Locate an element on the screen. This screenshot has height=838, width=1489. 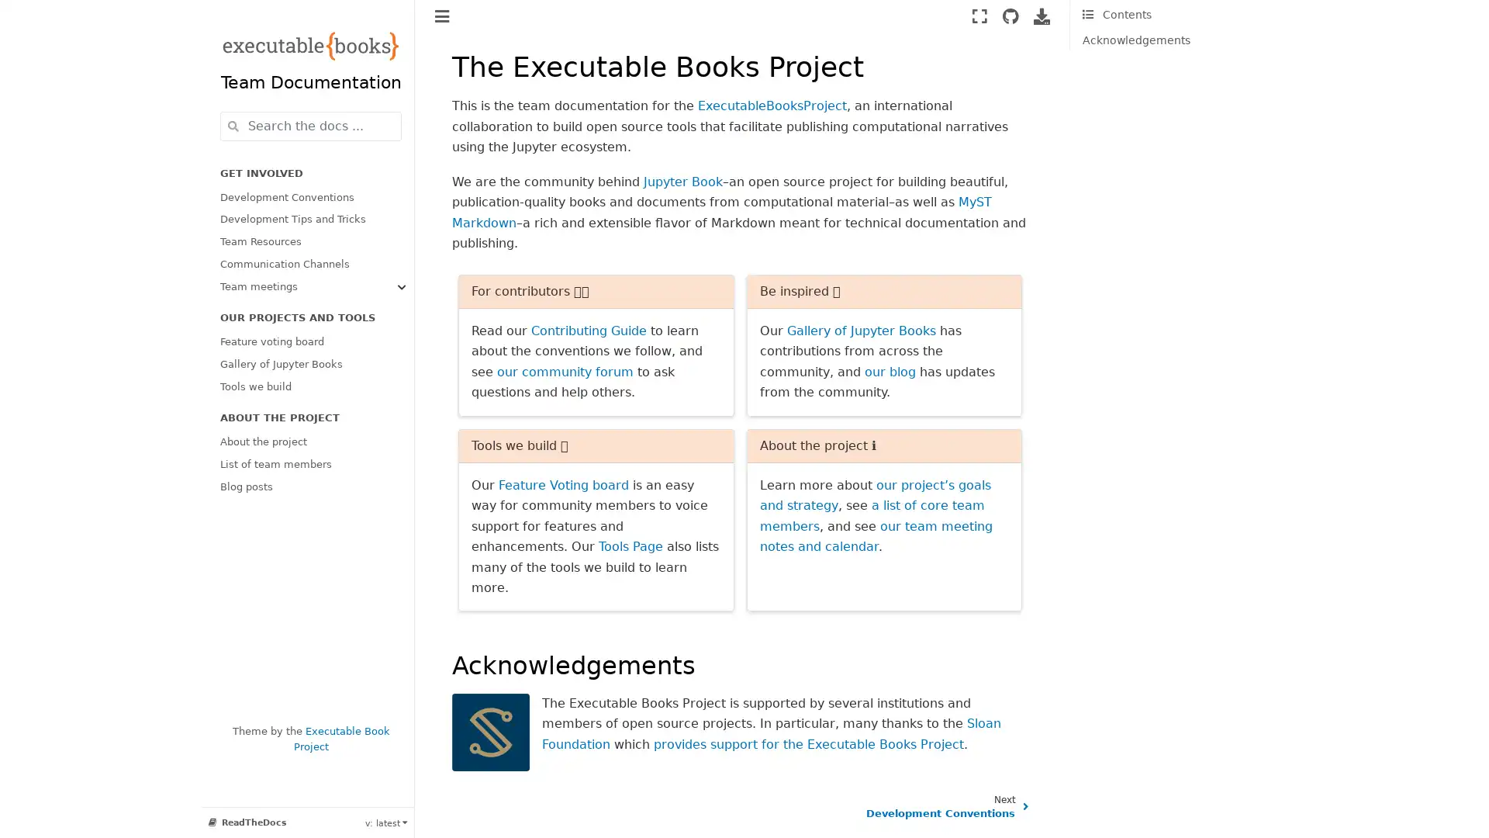
Download this page is located at coordinates (1042, 16).